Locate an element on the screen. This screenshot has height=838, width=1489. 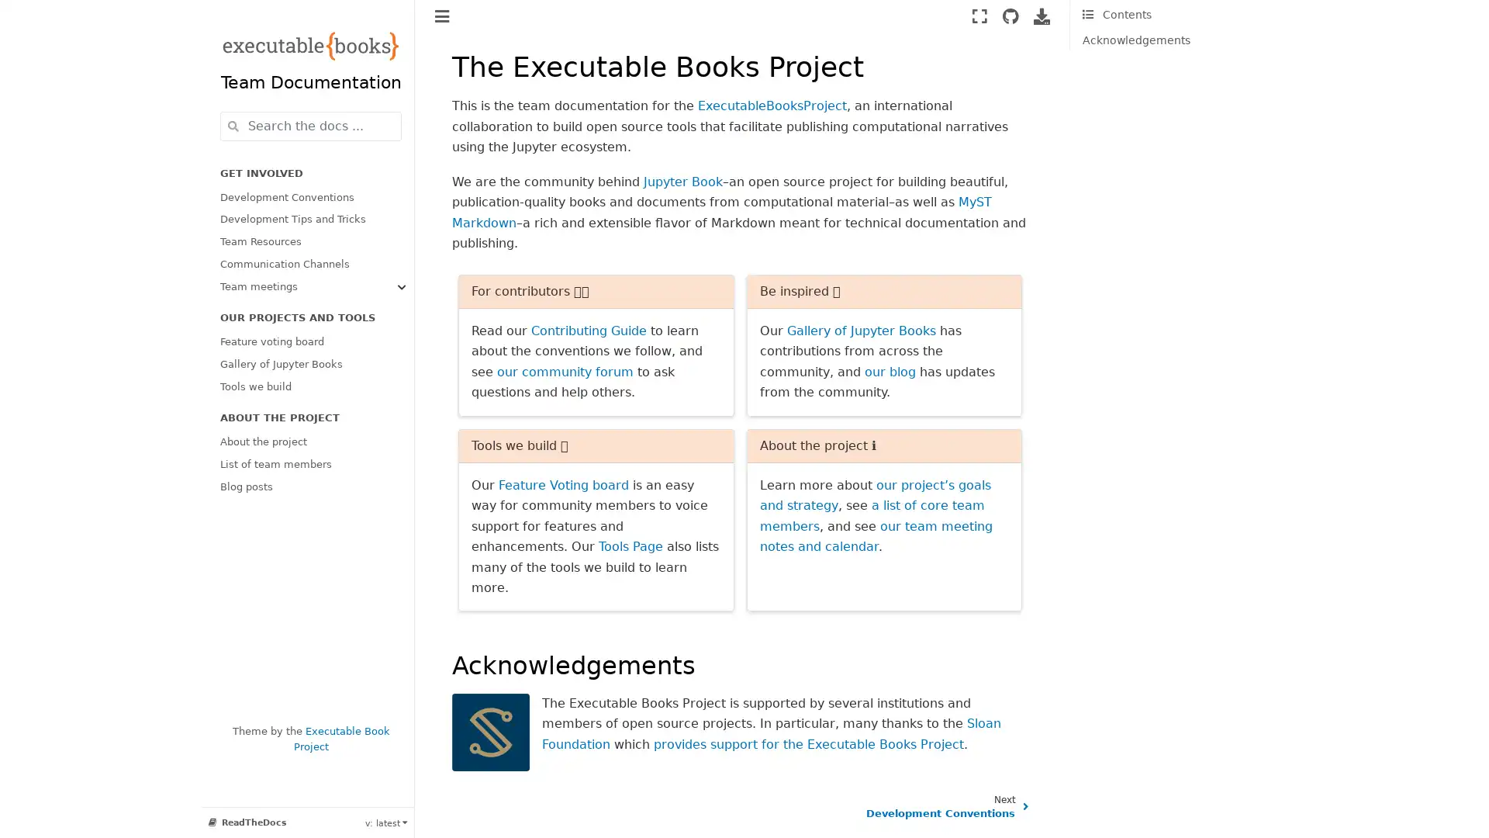
Download this page is located at coordinates (1042, 16).